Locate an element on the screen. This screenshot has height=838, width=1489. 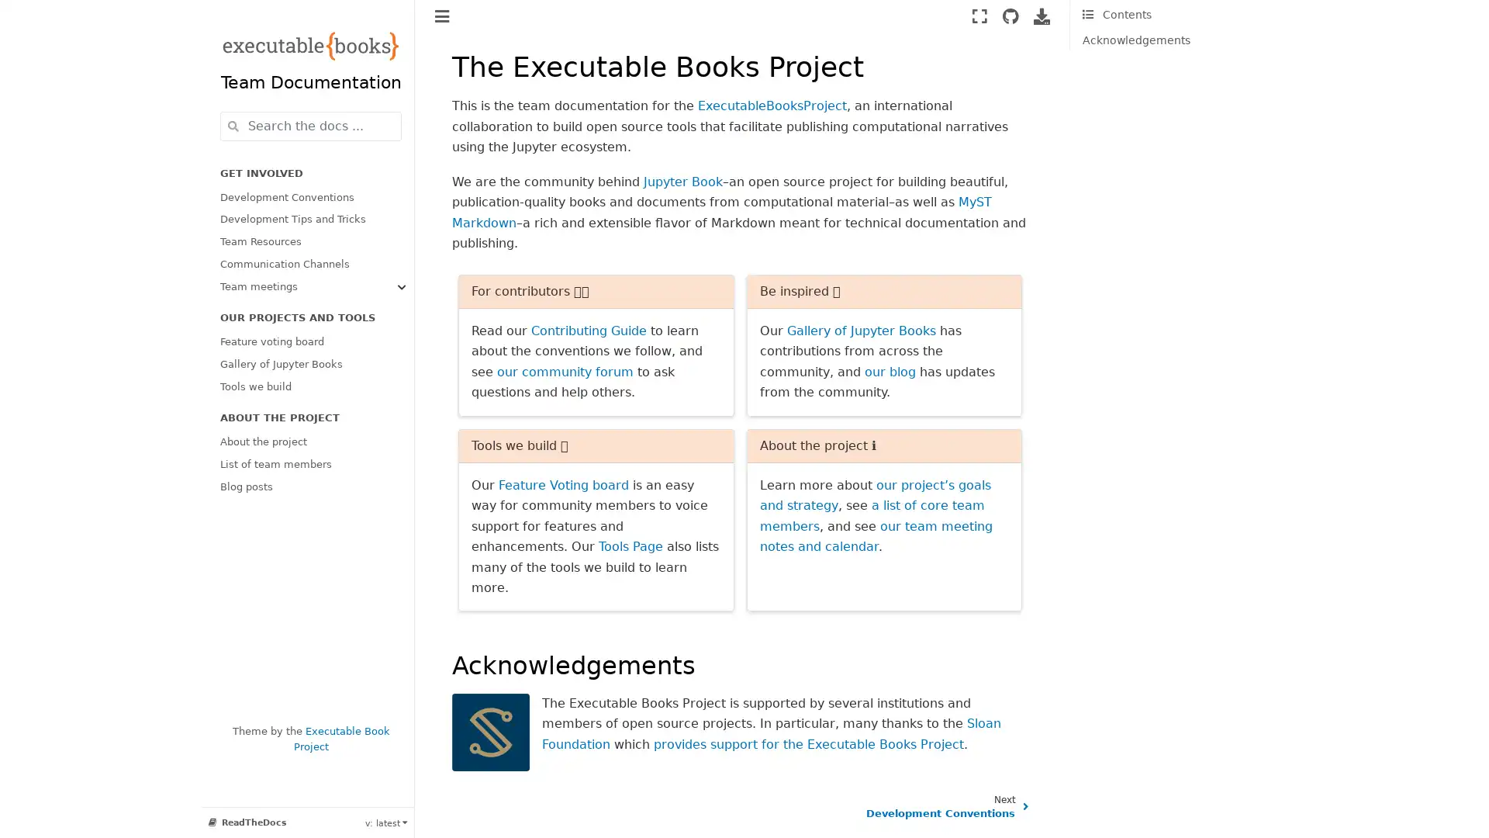
Download this page is located at coordinates (1042, 16).